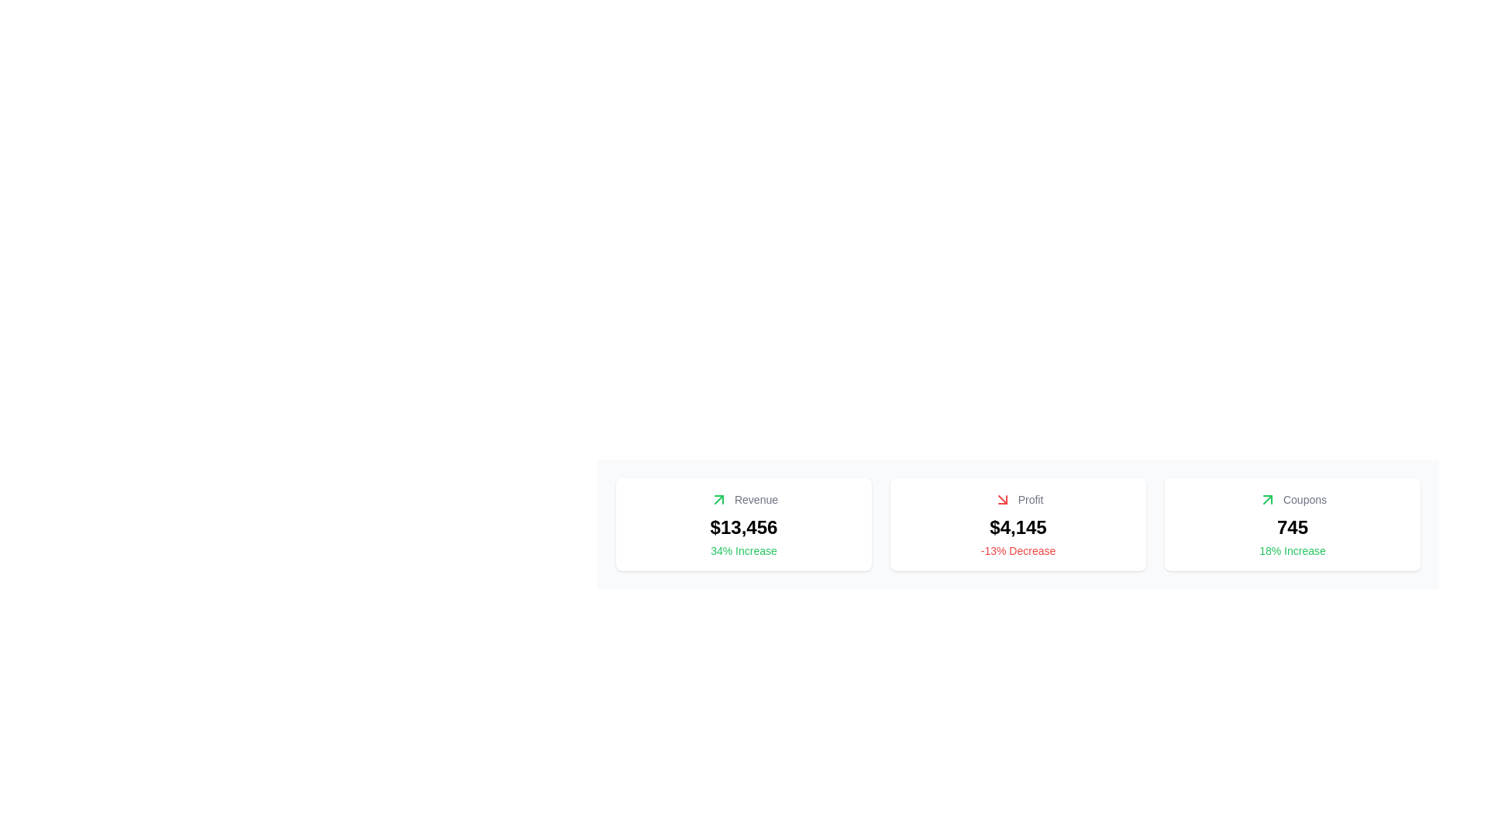  What do you see at coordinates (1292, 499) in the screenshot?
I see `the 'Coupons' label which features a green upward-right arrow icon and is located at the top of the last card in a row of three cards` at bounding box center [1292, 499].